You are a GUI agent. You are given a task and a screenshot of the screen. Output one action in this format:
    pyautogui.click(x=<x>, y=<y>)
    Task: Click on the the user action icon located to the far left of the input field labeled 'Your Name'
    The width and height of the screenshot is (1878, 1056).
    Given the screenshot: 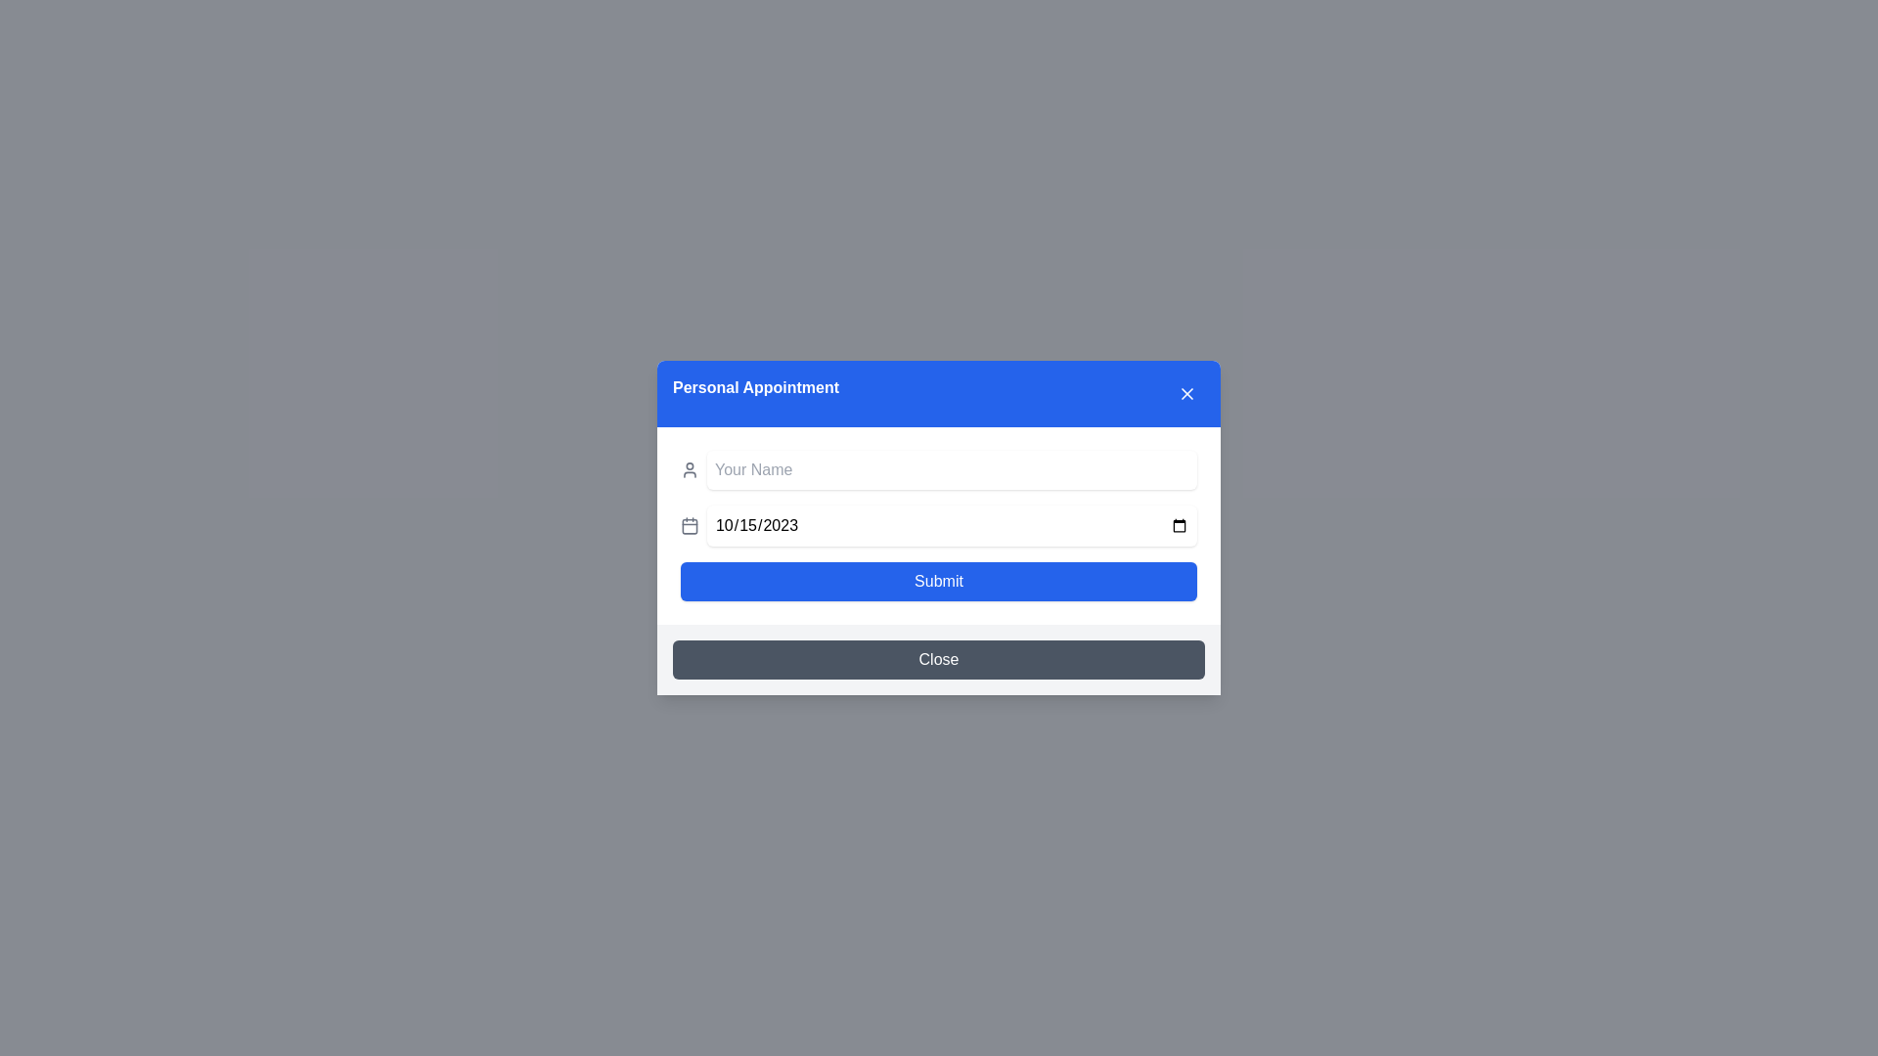 What is the action you would take?
    pyautogui.click(x=690, y=470)
    